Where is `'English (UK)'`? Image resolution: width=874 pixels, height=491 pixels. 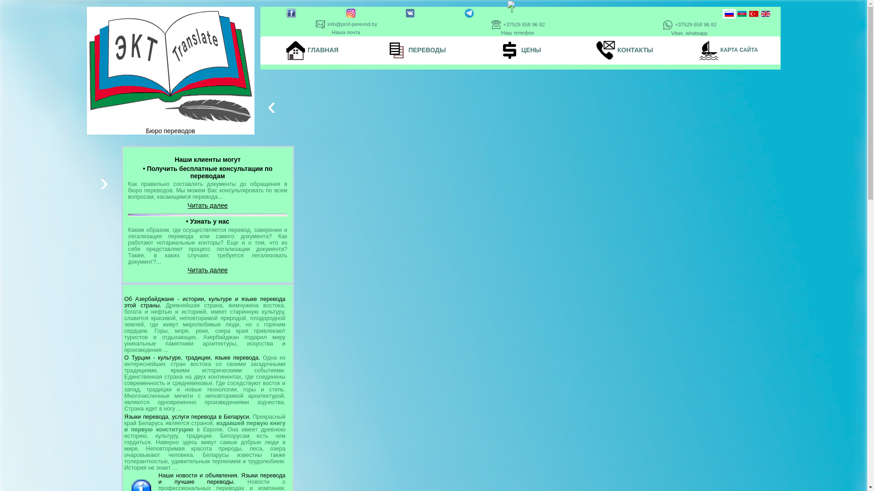 'English (UK)' is located at coordinates (765, 14).